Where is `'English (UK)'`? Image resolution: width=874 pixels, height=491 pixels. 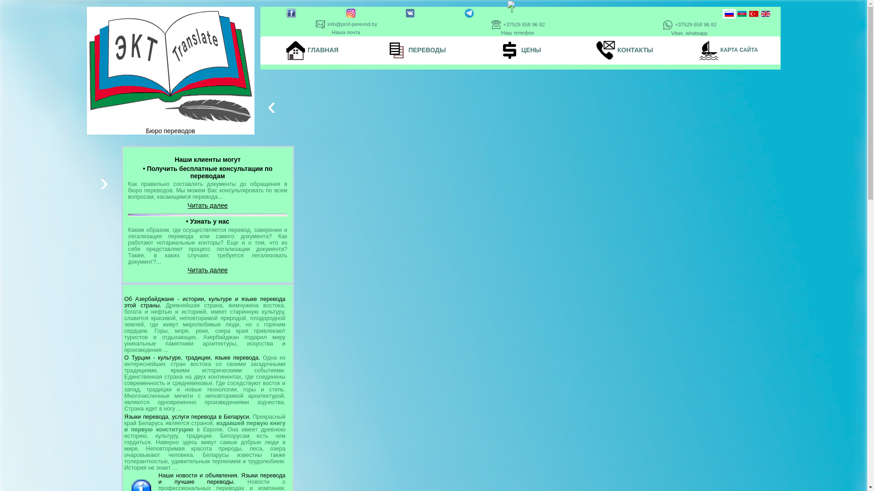 'English (UK)' is located at coordinates (765, 14).